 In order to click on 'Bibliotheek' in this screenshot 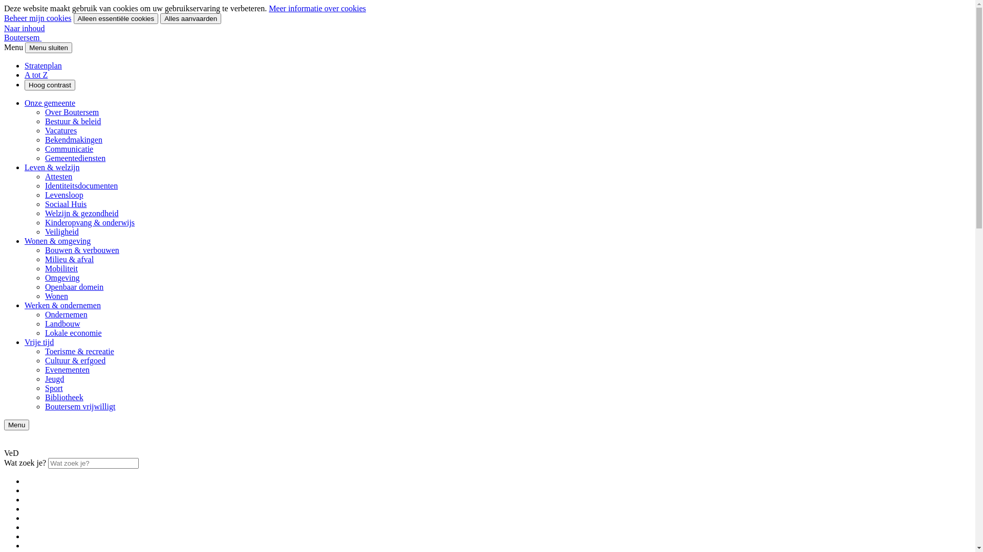, I will do `click(63, 397)`.